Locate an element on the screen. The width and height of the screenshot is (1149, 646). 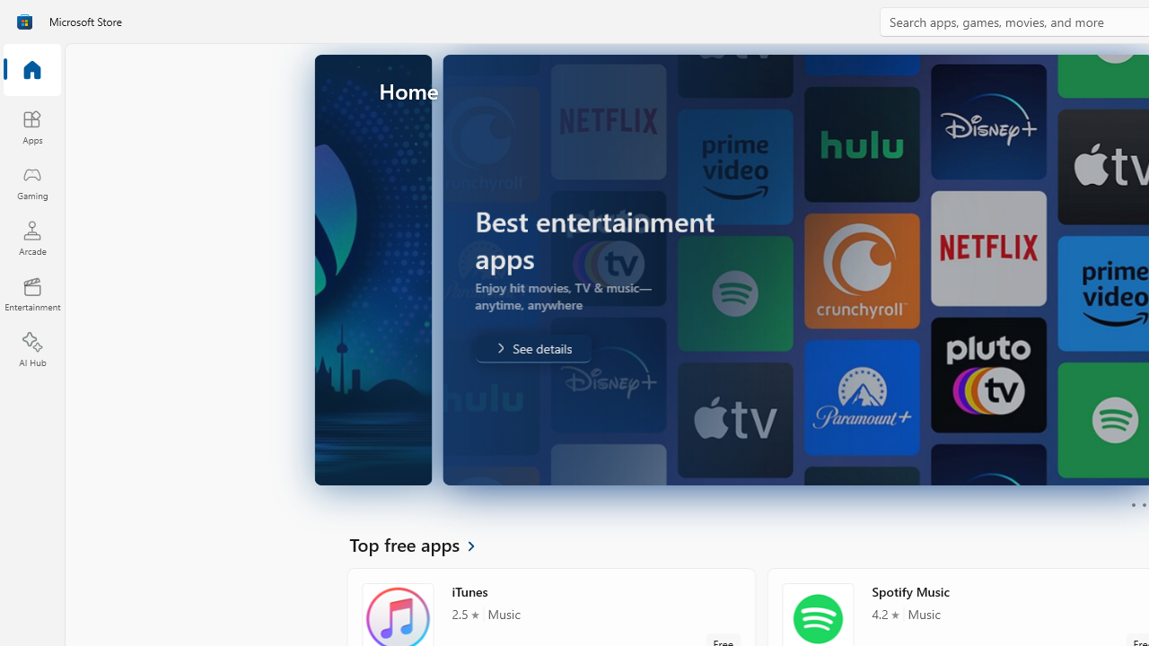
'Gaming' is located at coordinates (31, 182).